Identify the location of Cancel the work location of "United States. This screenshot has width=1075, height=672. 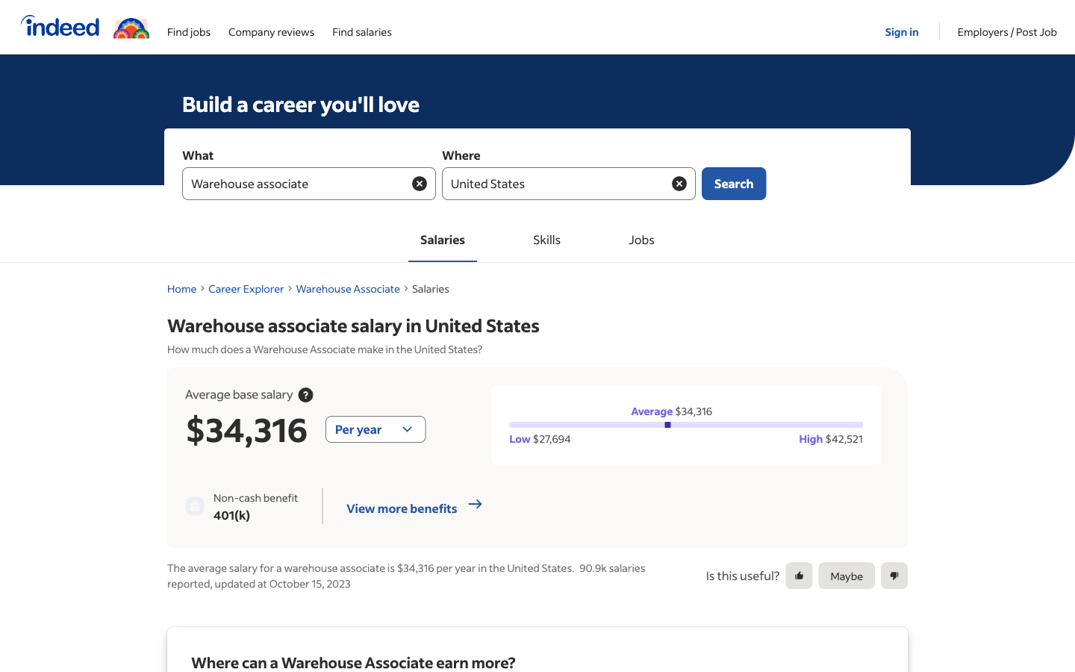
(679, 182).